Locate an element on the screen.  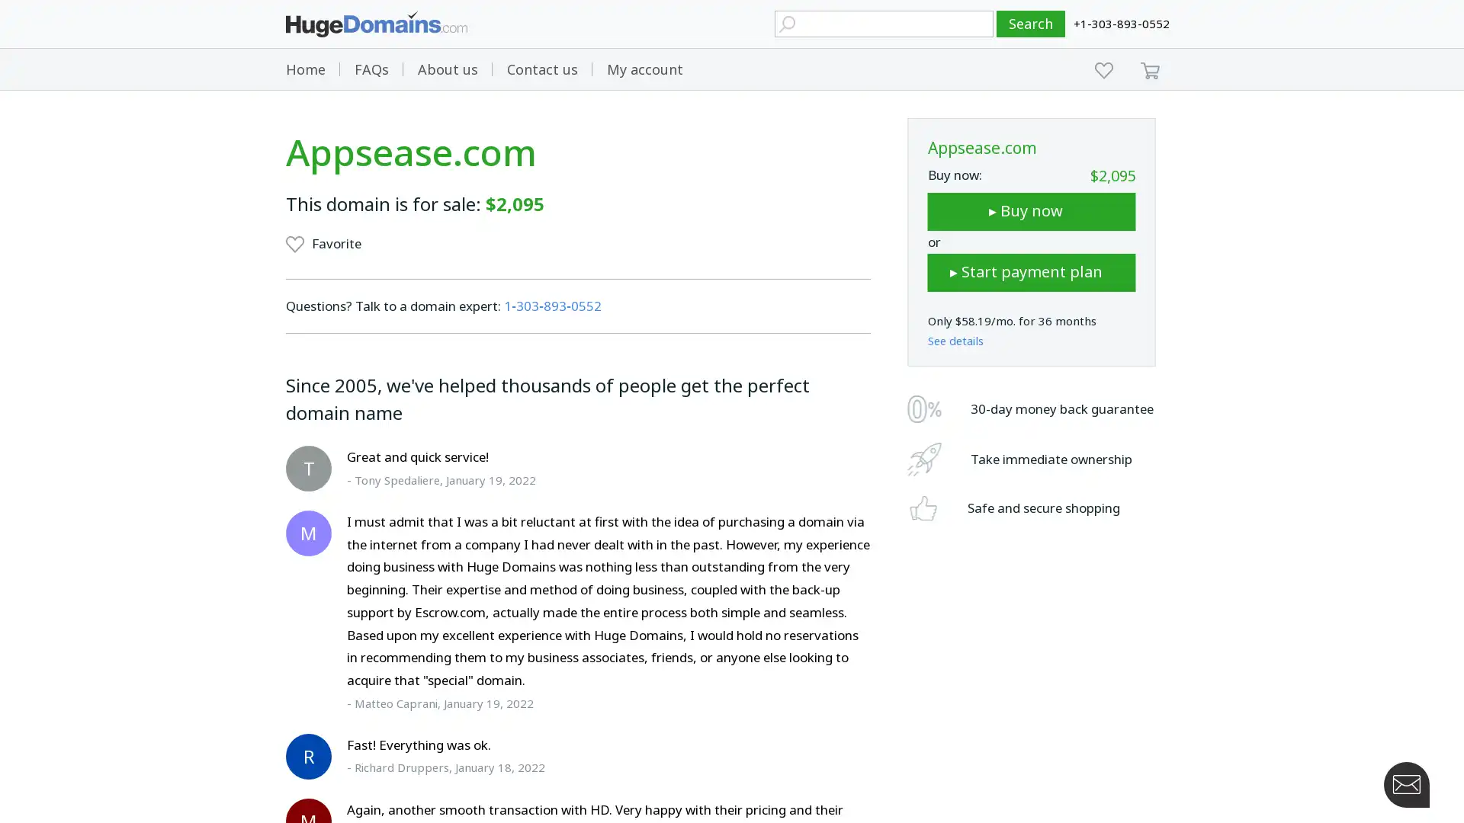
Search is located at coordinates (1031, 24).